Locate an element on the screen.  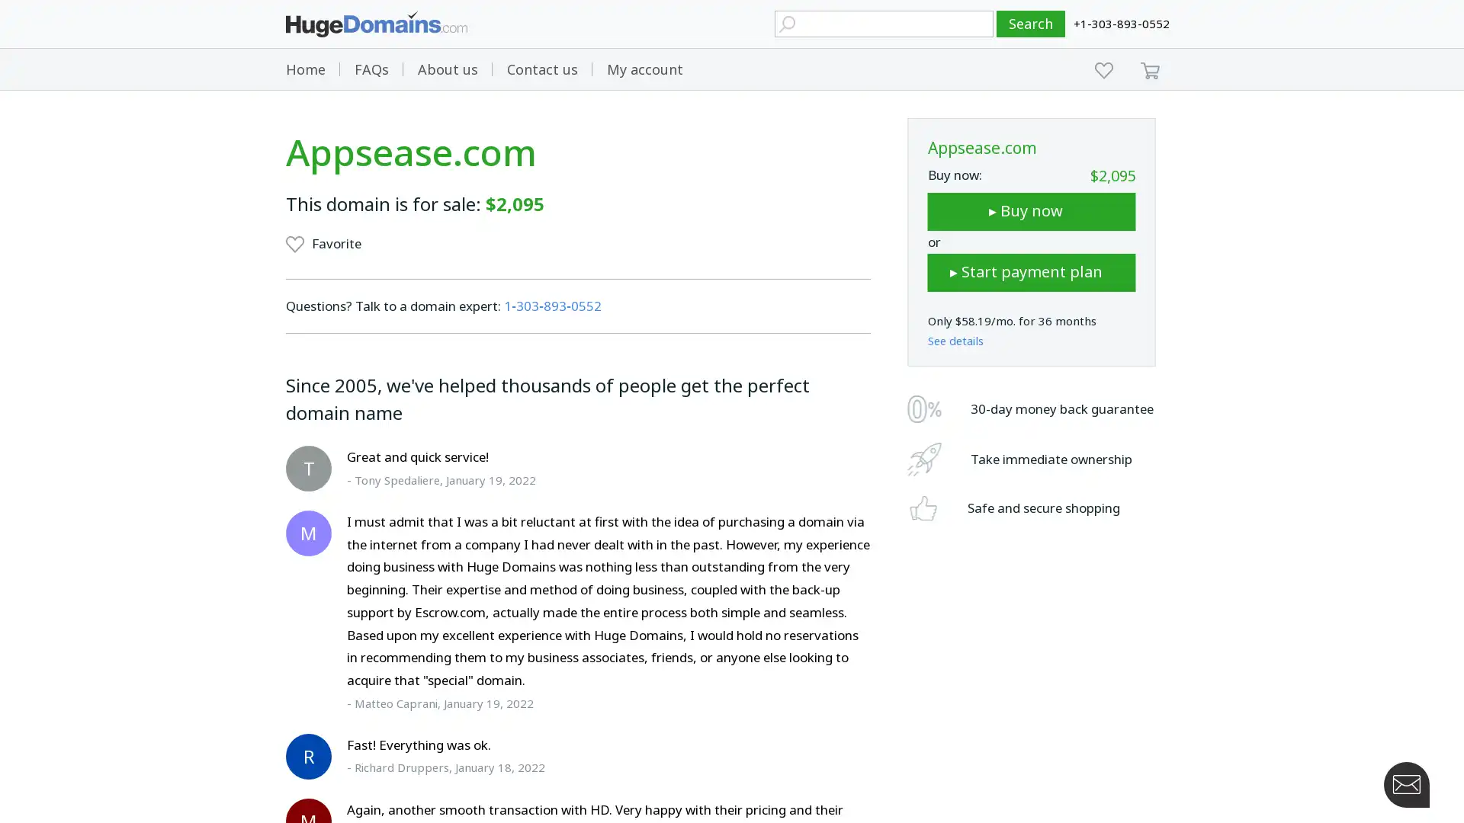
Search is located at coordinates (1031, 24).